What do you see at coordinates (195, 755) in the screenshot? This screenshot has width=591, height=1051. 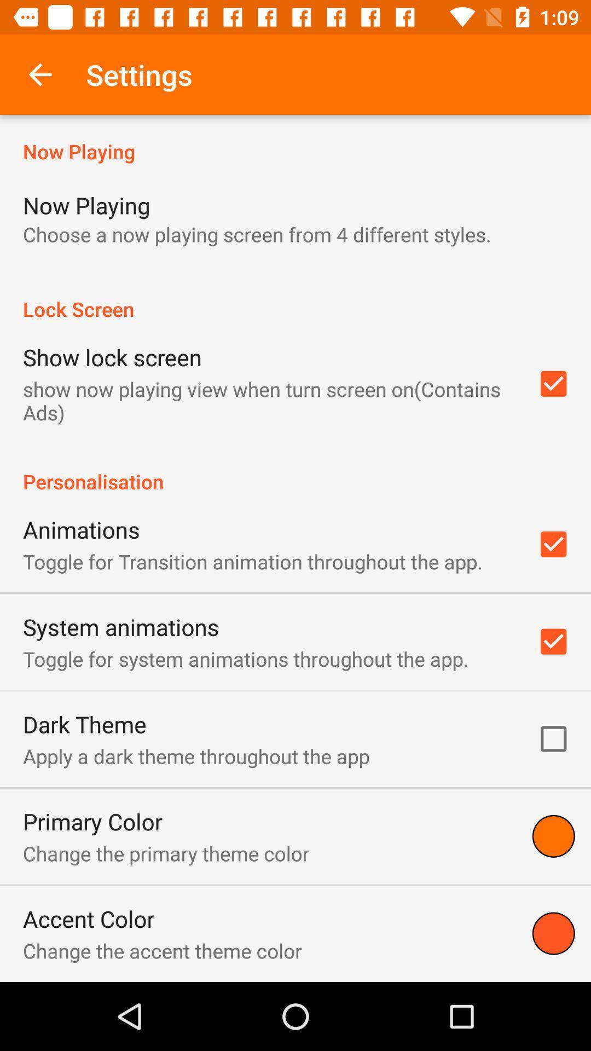 I see `the apply a dark` at bounding box center [195, 755].